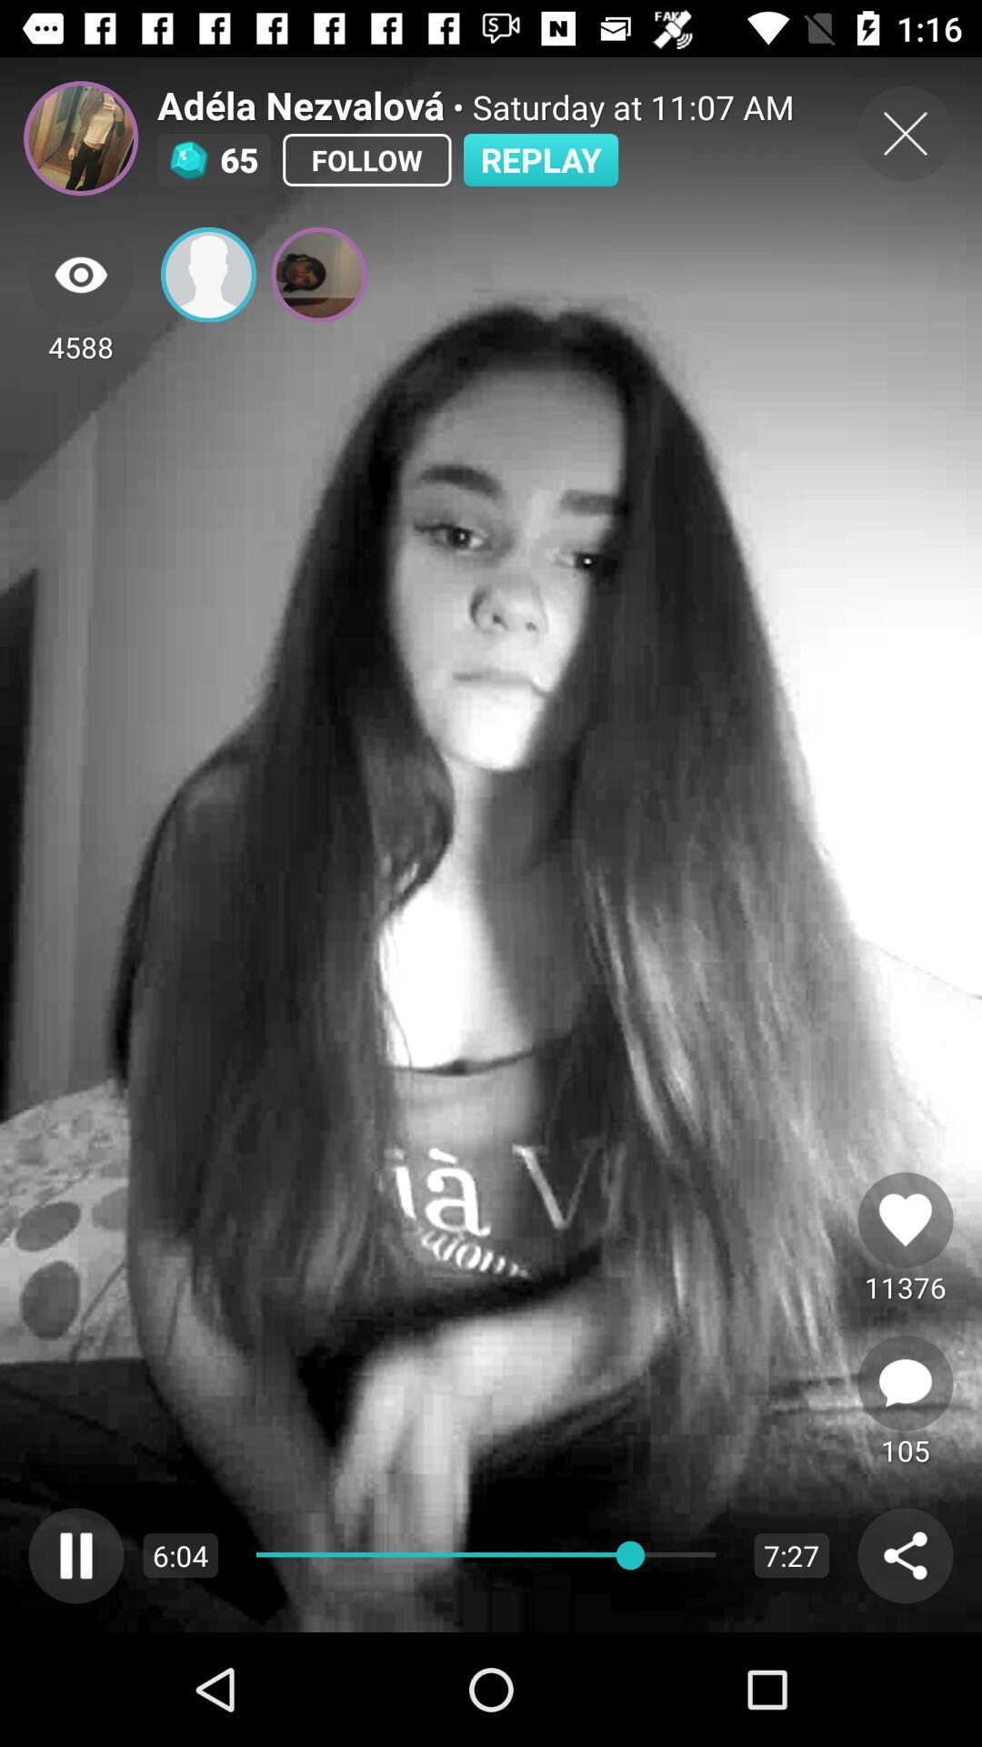  I want to click on close, so click(905, 133).